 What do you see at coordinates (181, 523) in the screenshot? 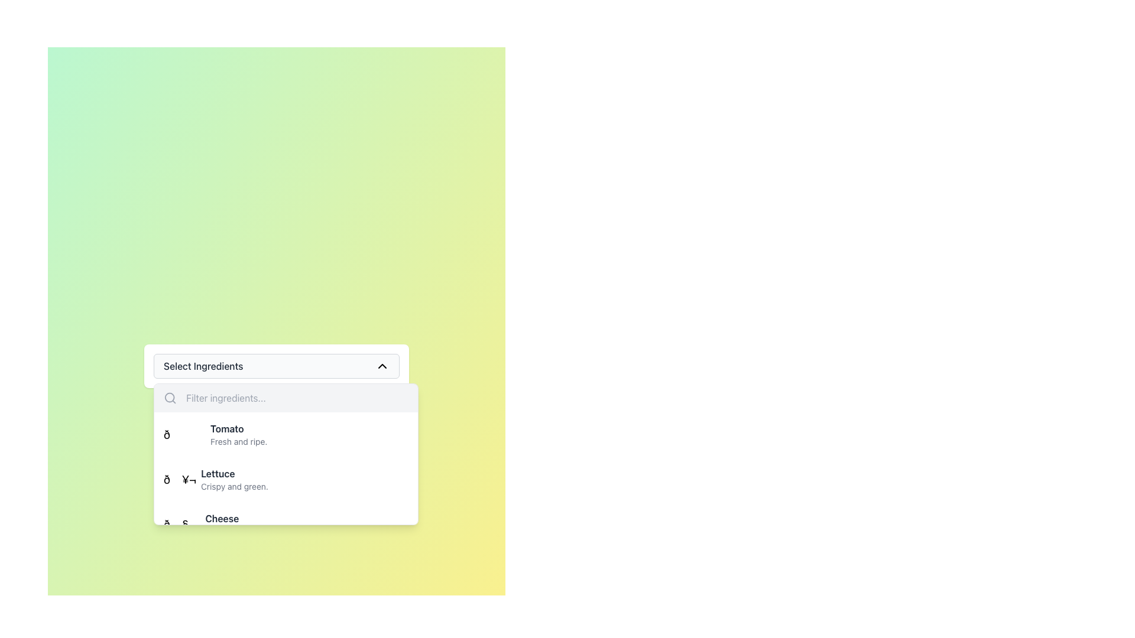
I see `the black glyph icon aligned leftmost in the row displaying information about 'Cheese', which precedes the text 'Cheese' and its description 'Creamy and smooth.'` at bounding box center [181, 523].